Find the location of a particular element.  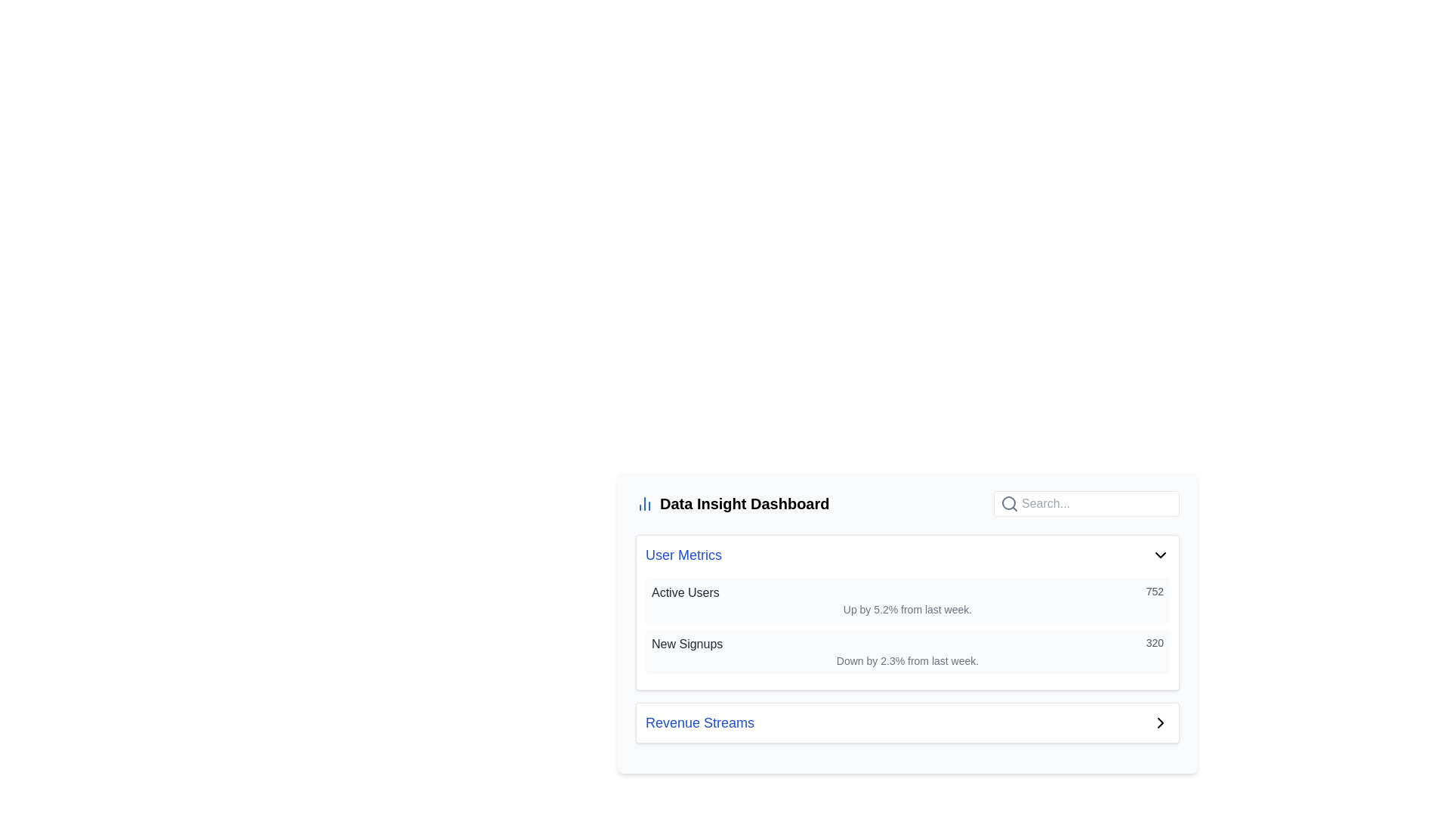

'New Signups' informational block located below the 'Active Users' block in the 'User Metrics' section of the 'Data Insight Dashboard', which displays the value '320' and the comparison 'Down by 2.3%' is located at coordinates (906, 651).